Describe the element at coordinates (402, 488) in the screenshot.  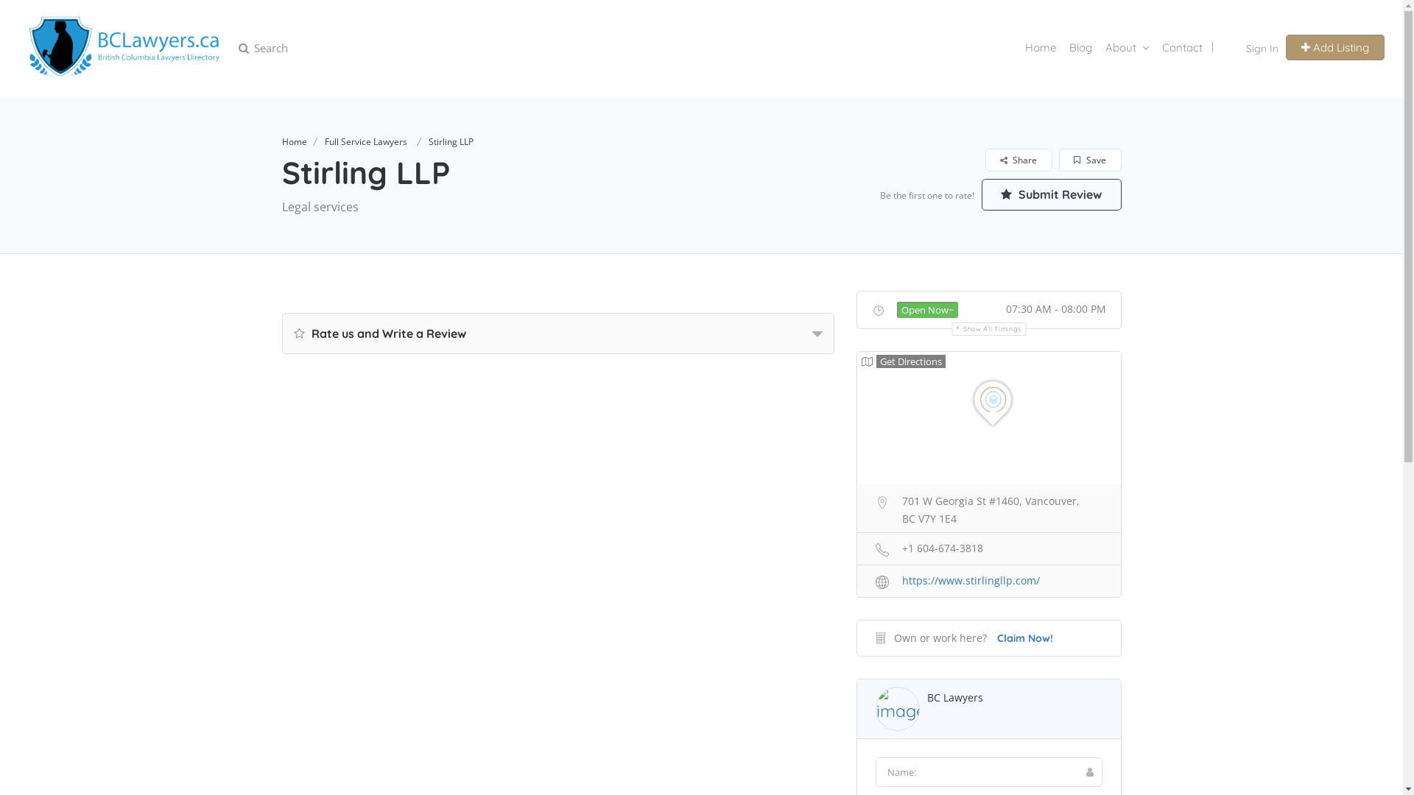
I see `'Submit'` at that location.